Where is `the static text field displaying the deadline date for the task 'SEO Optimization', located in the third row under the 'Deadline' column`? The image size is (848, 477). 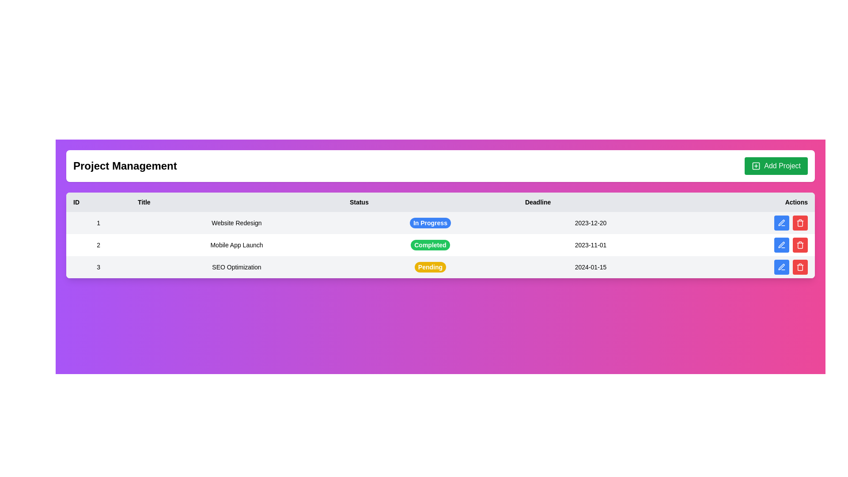
the static text field displaying the deadline date for the task 'SEO Optimization', located in the third row under the 'Deadline' column is located at coordinates (591, 267).